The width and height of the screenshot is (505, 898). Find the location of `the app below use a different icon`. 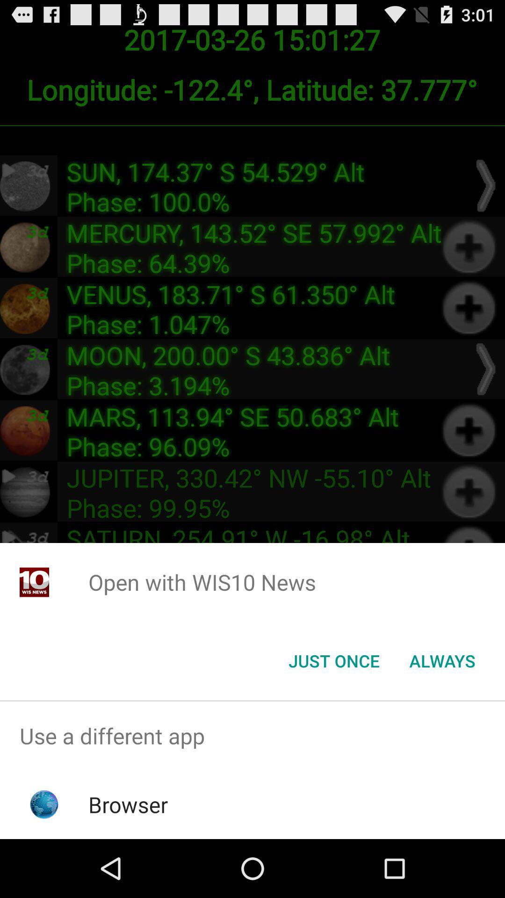

the app below use a different icon is located at coordinates (128, 804).